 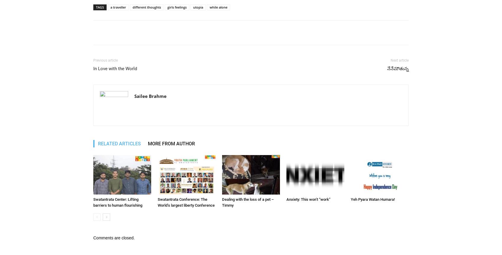 I want to click on 'Previous article', so click(x=105, y=60).